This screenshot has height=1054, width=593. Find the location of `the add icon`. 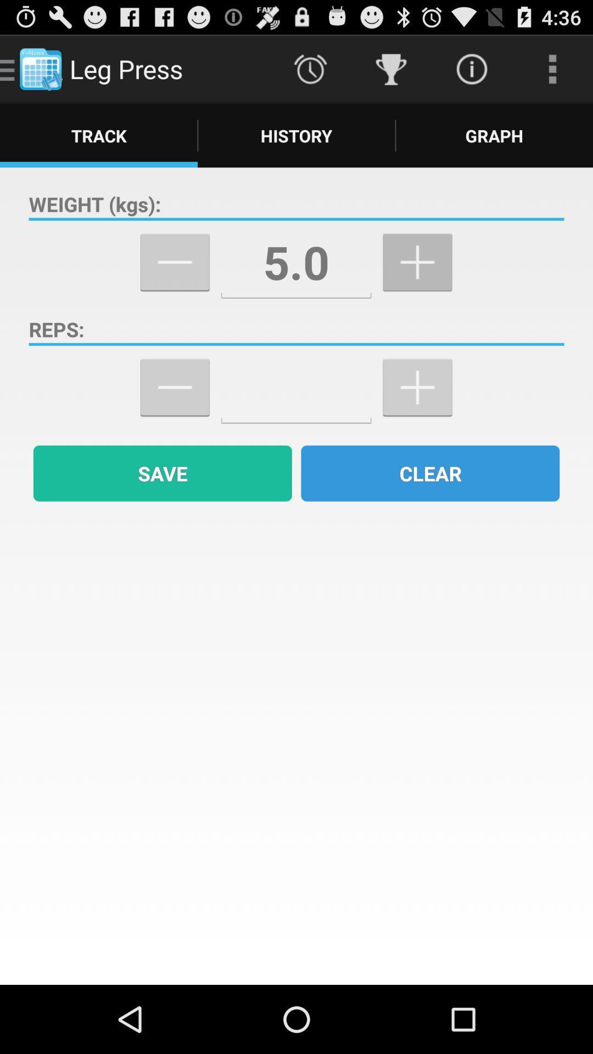

the add icon is located at coordinates (417, 414).